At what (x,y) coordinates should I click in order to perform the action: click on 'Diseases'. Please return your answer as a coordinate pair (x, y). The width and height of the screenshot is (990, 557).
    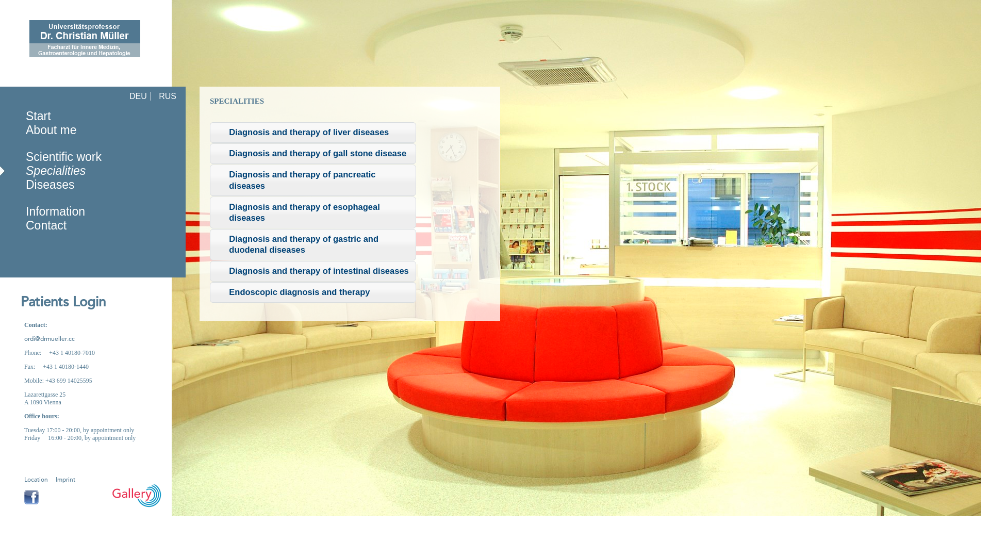
    Looking at the image, I should click on (49, 184).